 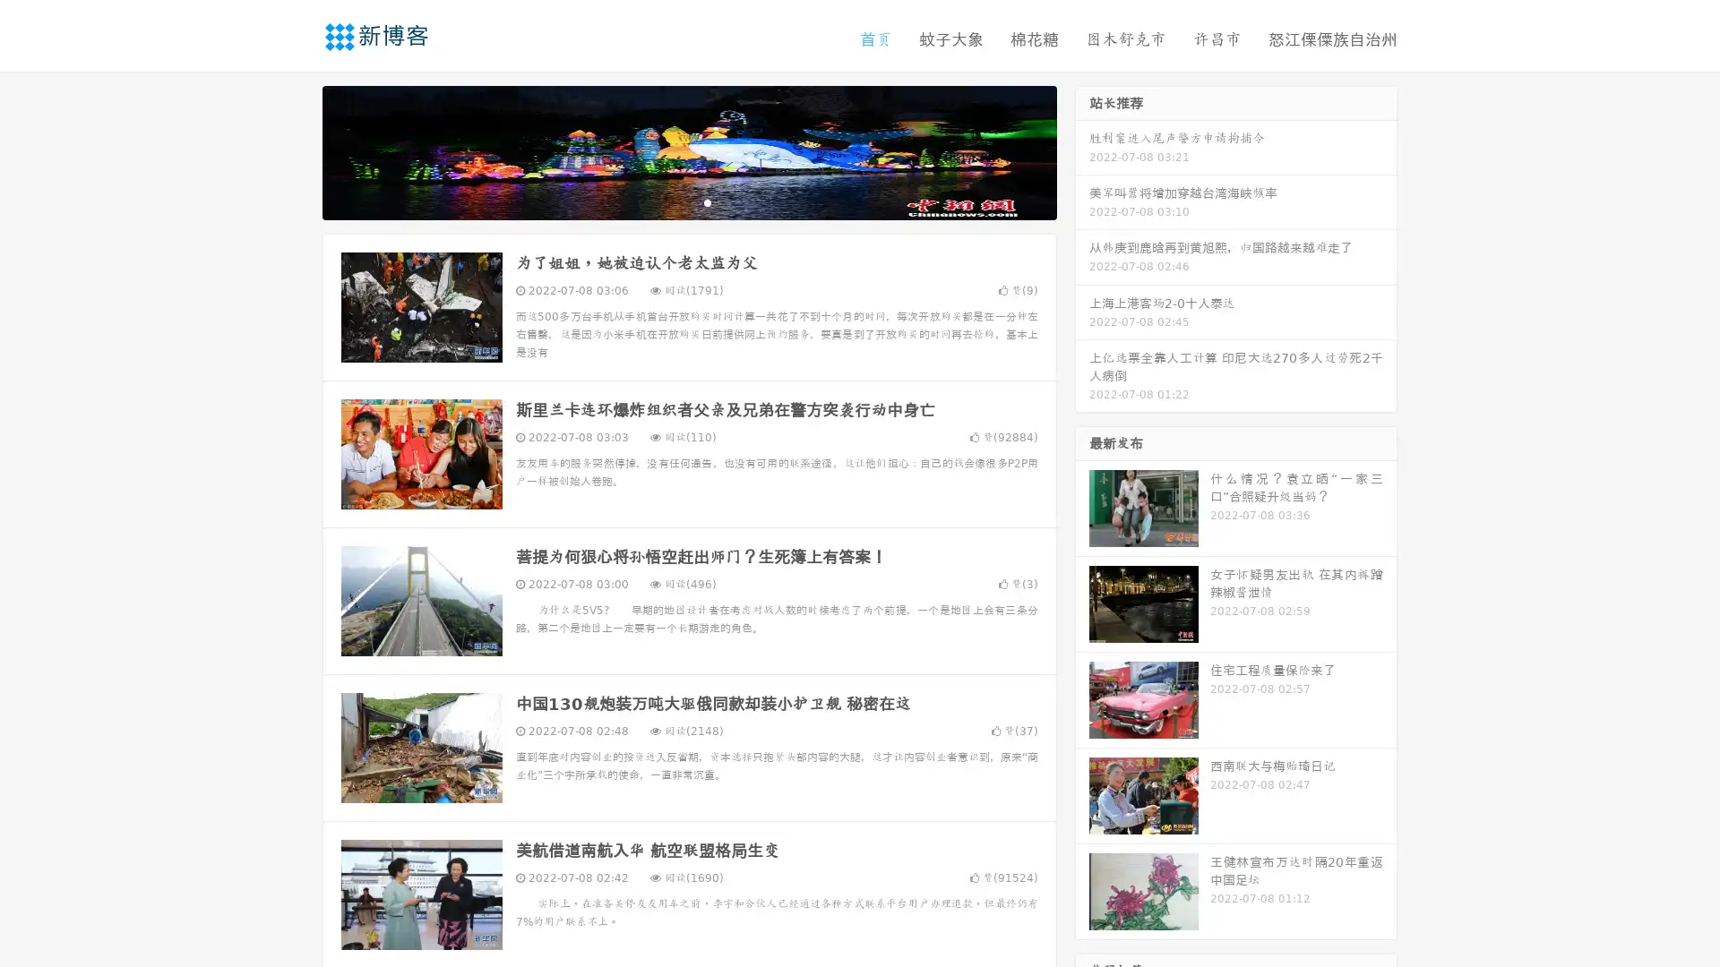 What do you see at coordinates (688, 201) in the screenshot?
I see `Go to slide 2` at bounding box center [688, 201].